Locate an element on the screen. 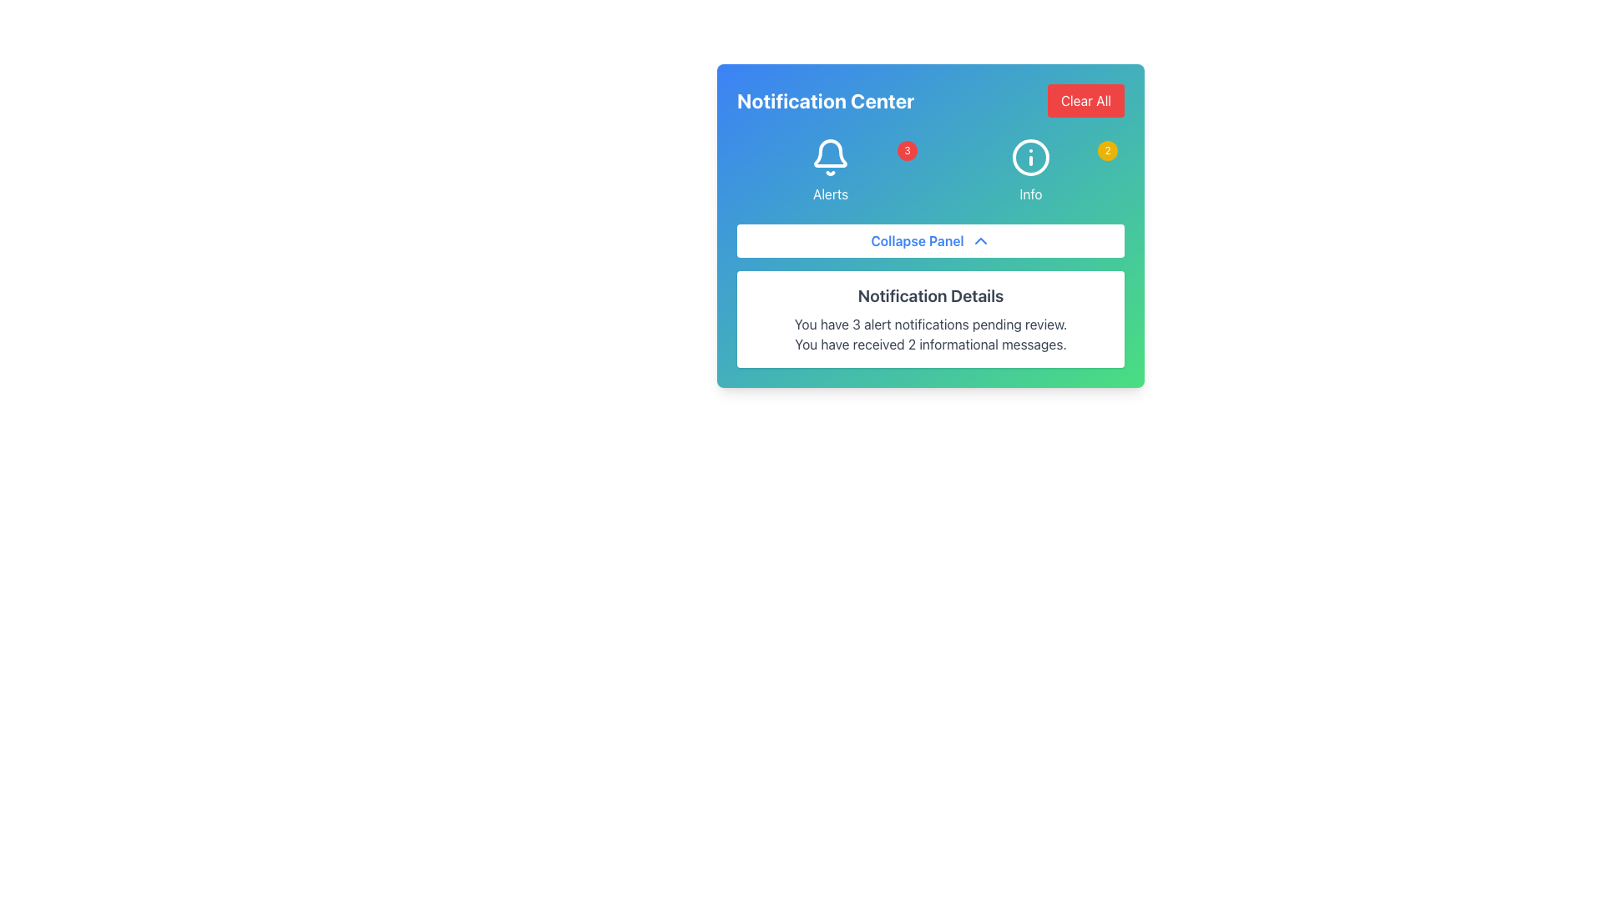 This screenshot has height=901, width=1603. the 'Info' notification icon located in the top-right region of the notification panel, which is the second icon from the left is located at coordinates (1029, 158).